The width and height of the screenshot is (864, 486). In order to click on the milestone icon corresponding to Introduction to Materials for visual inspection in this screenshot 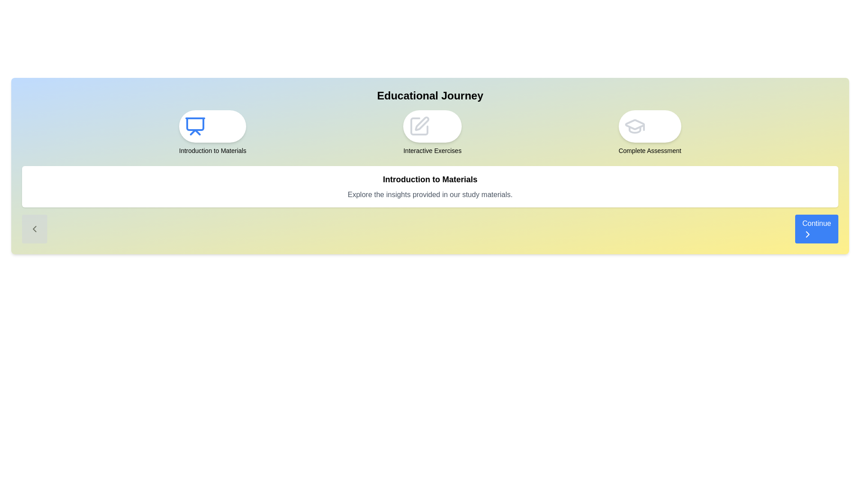, I will do `click(212, 126)`.